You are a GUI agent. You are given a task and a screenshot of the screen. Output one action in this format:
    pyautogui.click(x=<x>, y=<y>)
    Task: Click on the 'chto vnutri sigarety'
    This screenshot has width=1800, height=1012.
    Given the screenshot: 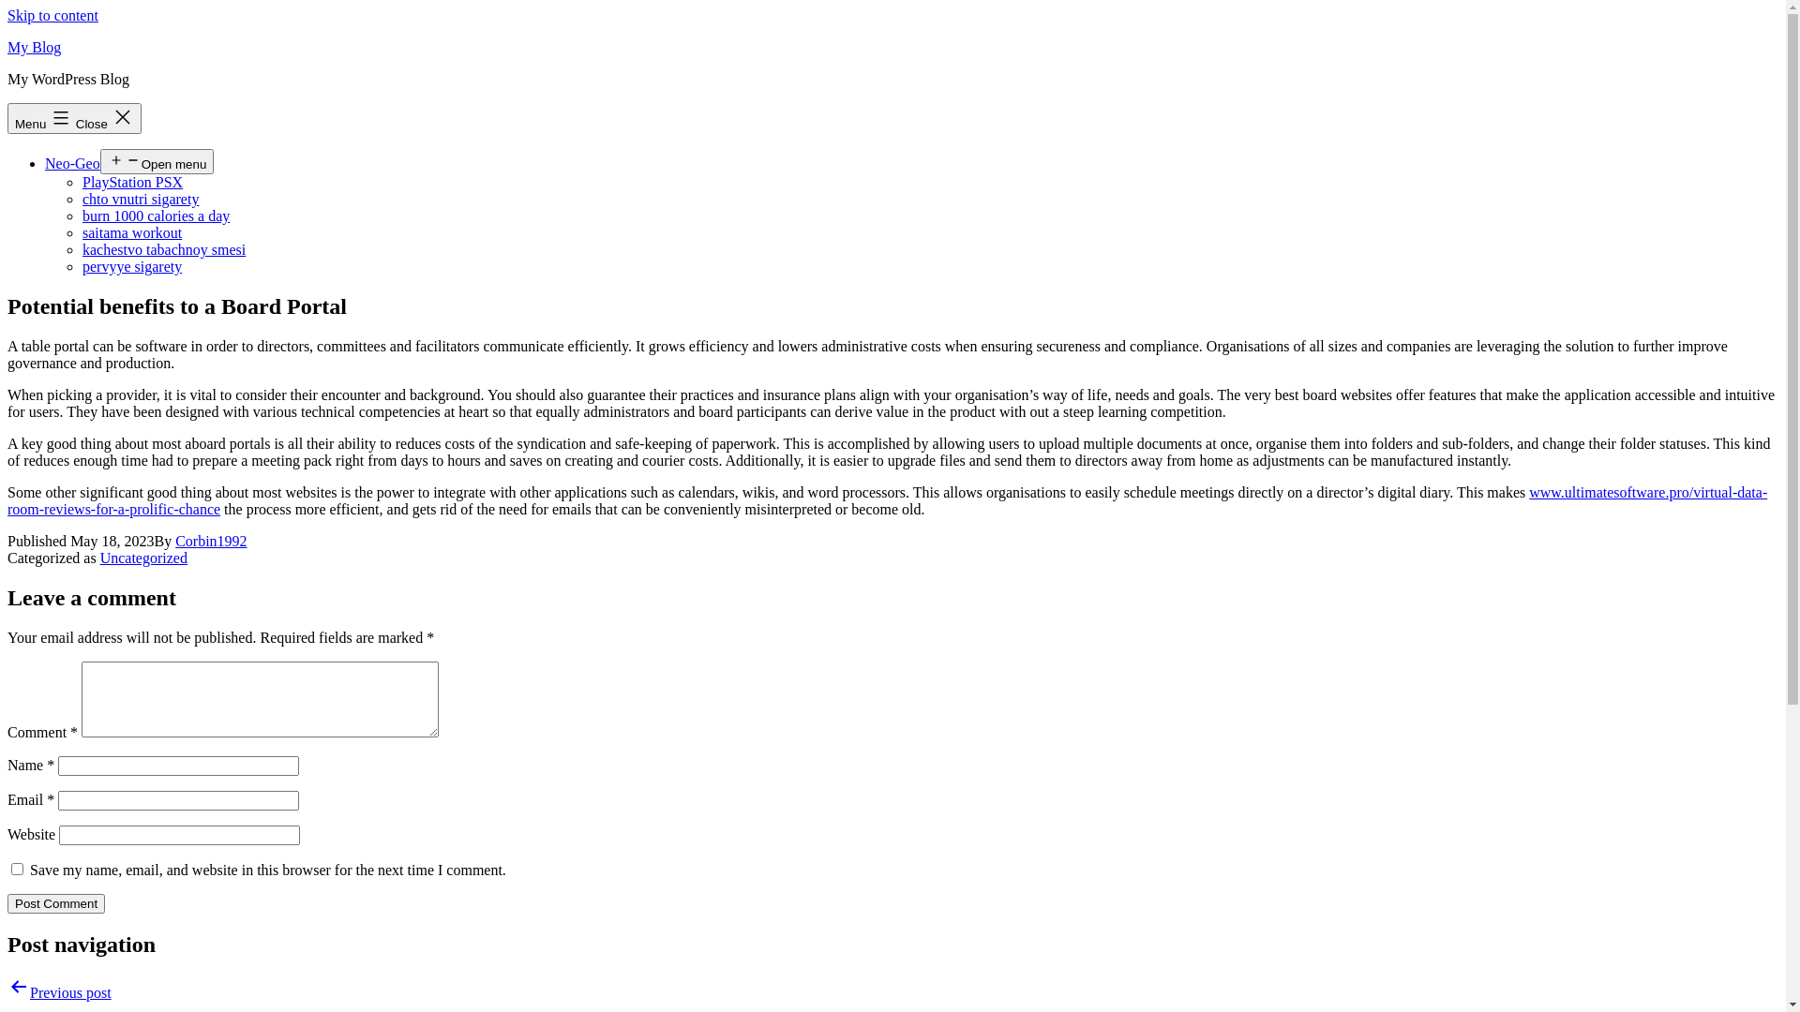 What is the action you would take?
    pyautogui.click(x=139, y=199)
    